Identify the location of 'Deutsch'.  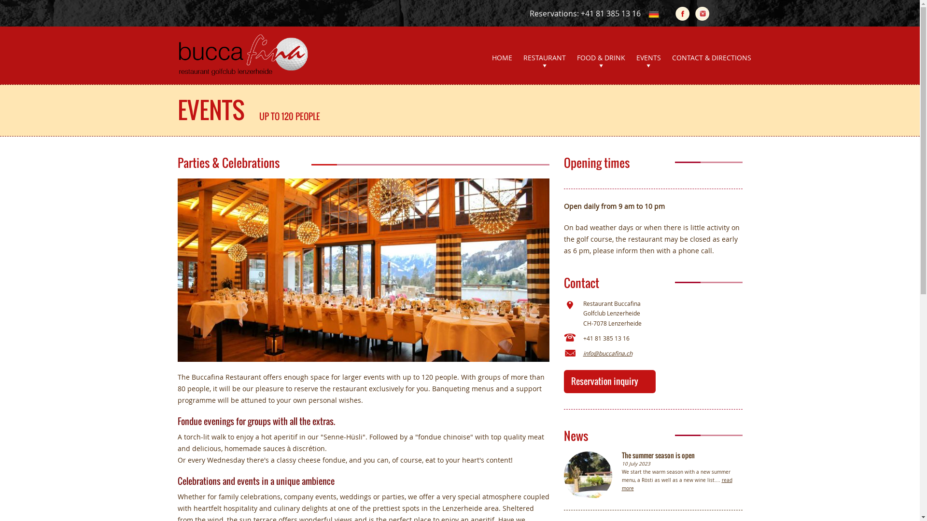
(654, 14).